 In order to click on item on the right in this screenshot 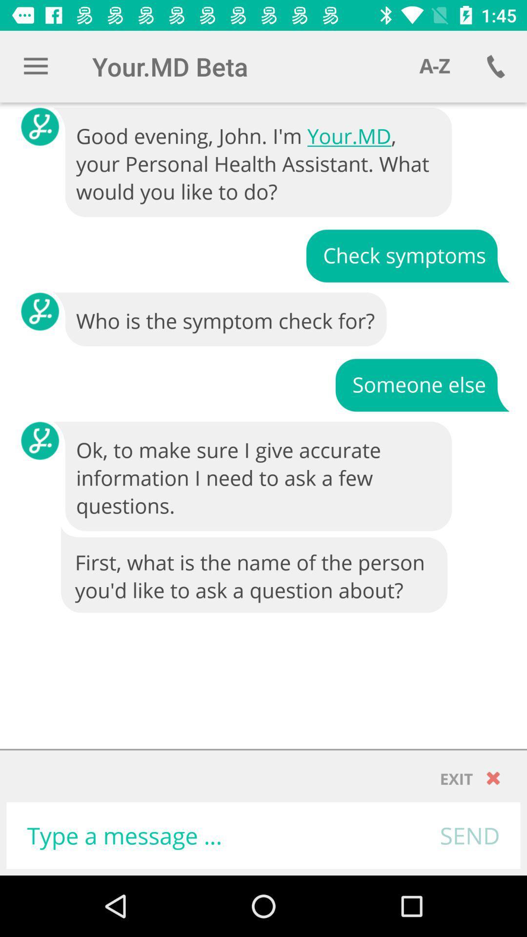, I will do `click(422, 384)`.